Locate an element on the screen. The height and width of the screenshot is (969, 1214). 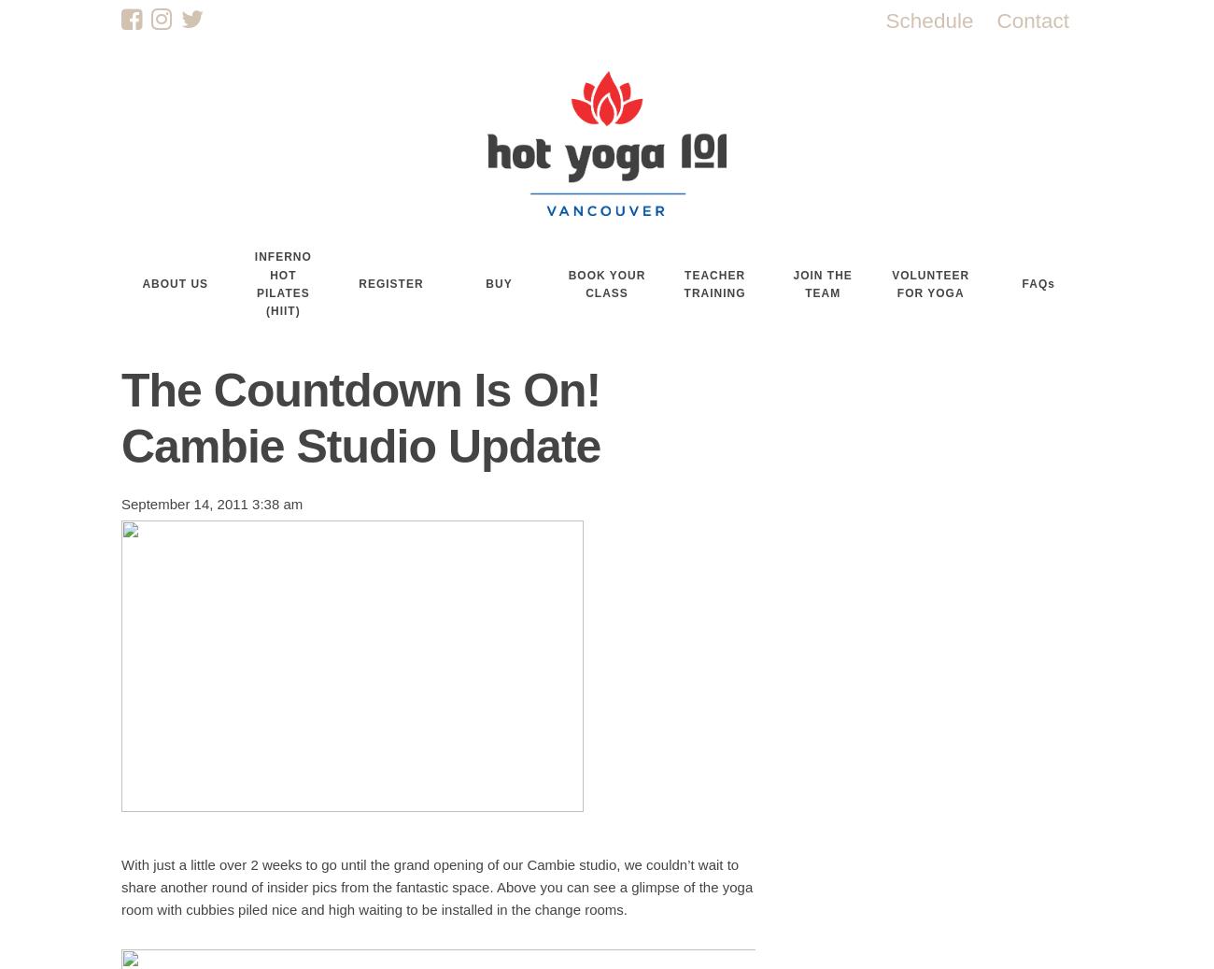
'ABOUT US' is located at coordinates (175, 283).